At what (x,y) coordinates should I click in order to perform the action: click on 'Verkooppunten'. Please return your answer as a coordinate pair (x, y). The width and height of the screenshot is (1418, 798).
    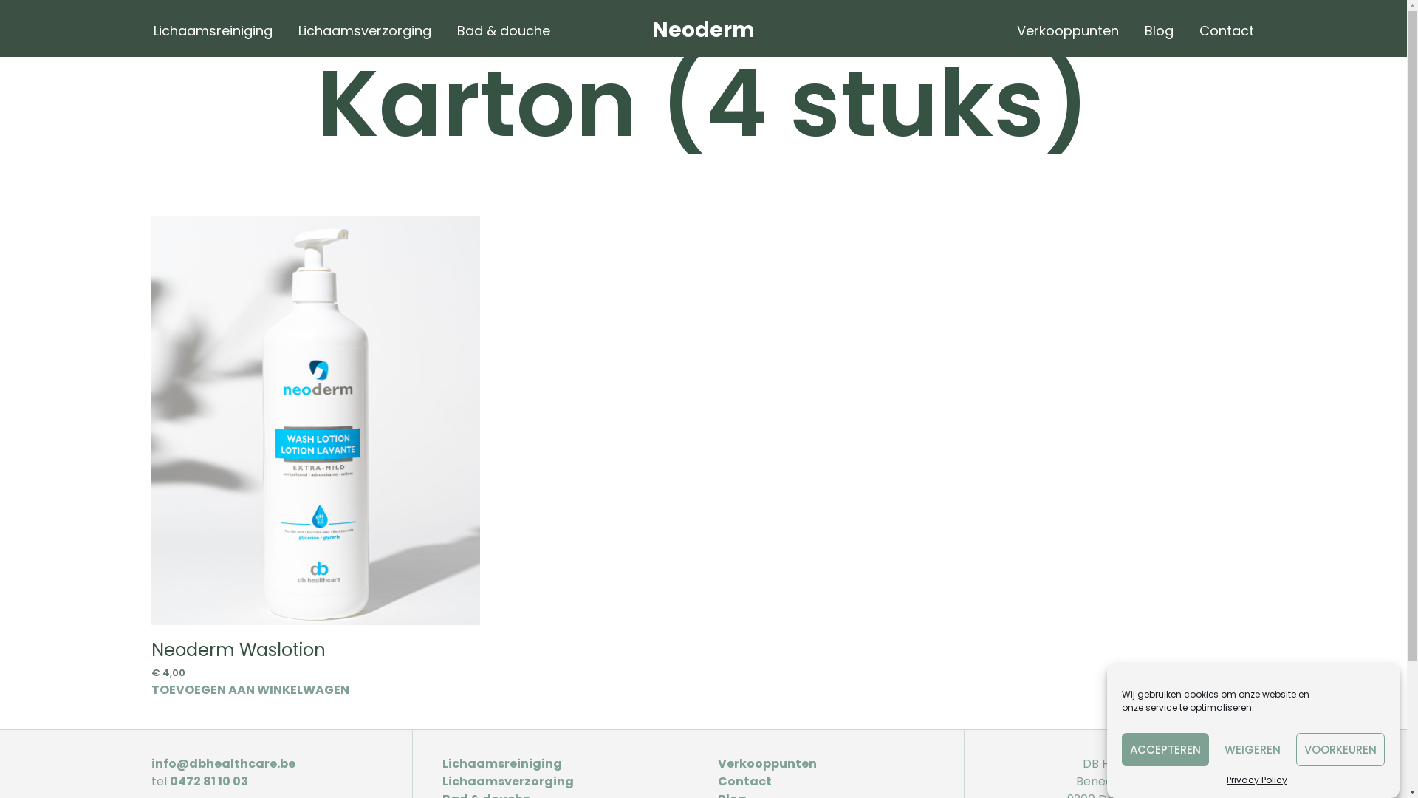
    Looking at the image, I should click on (1005, 30).